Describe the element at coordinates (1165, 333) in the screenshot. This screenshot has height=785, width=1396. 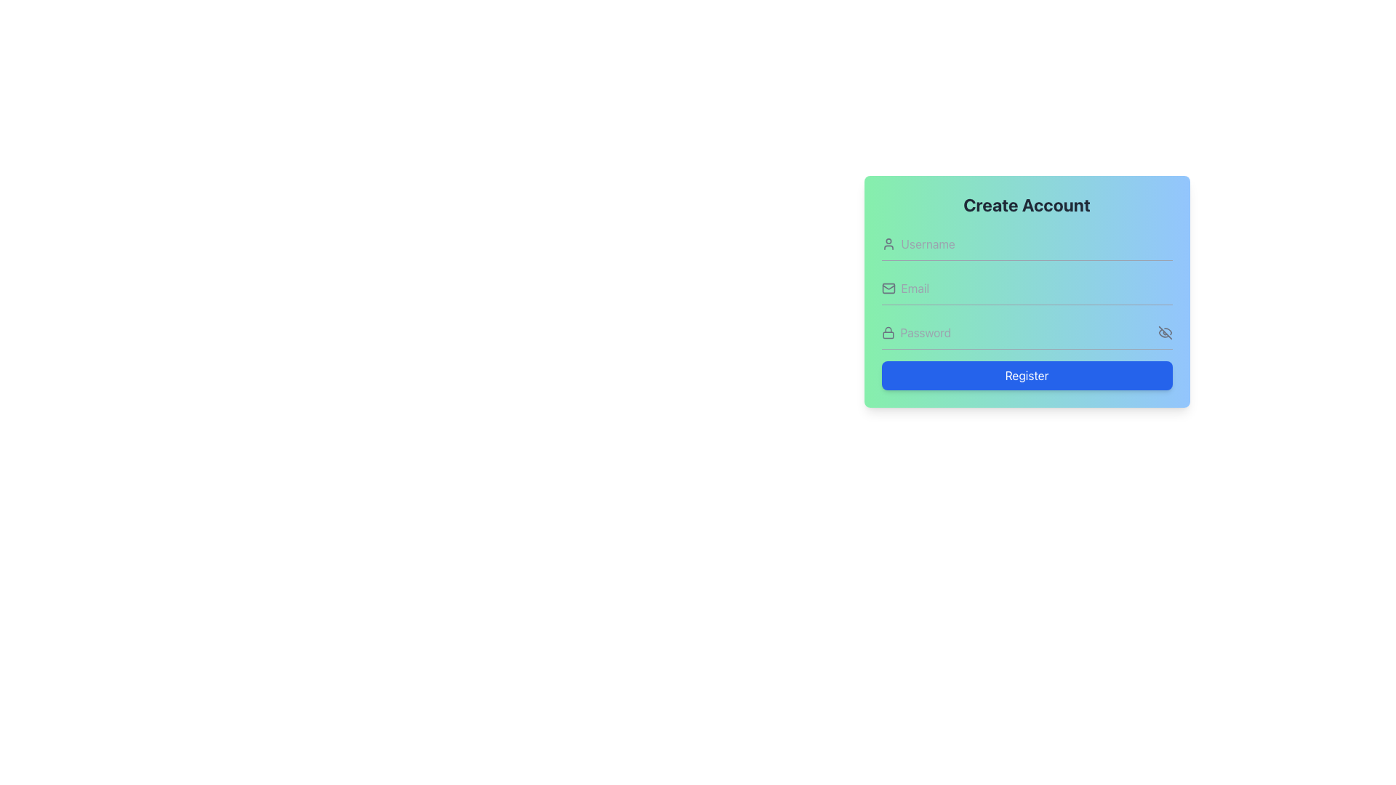
I see `the button that toggles the visibility of the password` at that location.